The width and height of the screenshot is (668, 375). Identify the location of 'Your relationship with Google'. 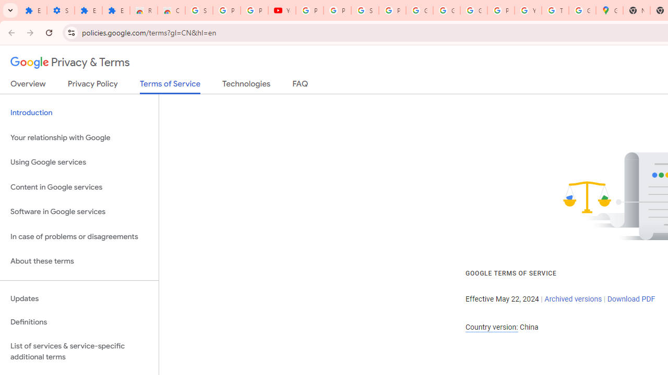
(79, 137).